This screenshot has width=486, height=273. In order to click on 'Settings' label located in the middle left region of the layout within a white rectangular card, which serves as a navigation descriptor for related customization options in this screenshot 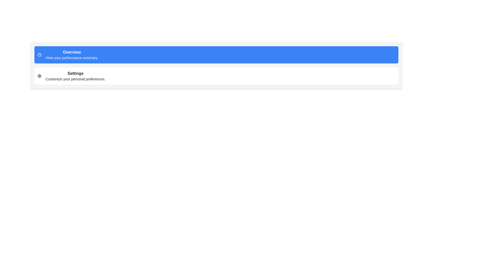, I will do `click(75, 76)`.